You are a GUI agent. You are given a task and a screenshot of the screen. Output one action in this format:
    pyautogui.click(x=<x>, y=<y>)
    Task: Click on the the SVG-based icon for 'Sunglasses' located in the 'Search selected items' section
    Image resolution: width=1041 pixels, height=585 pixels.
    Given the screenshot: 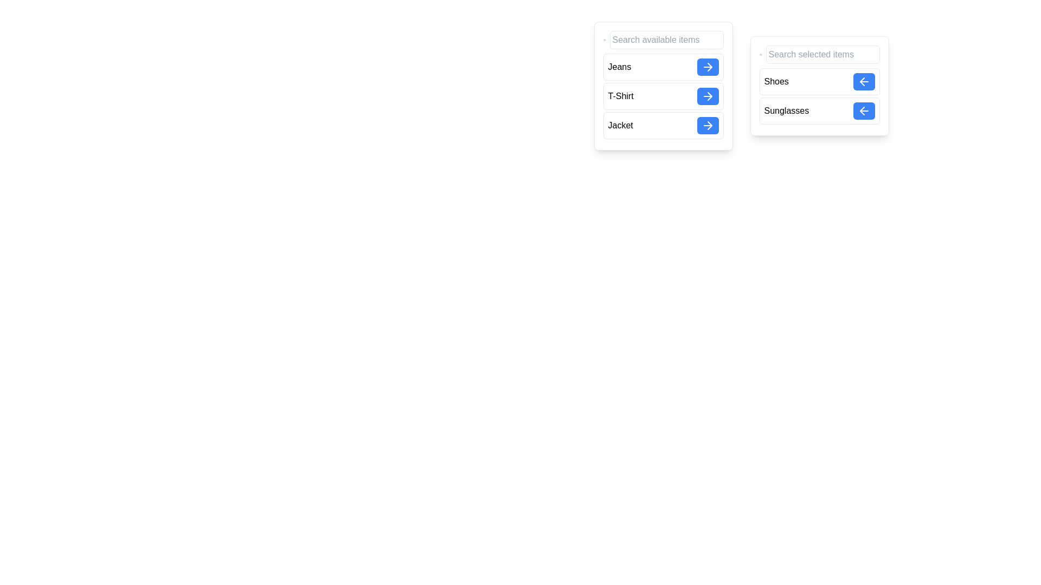 What is the action you would take?
    pyautogui.click(x=863, y=110)
    